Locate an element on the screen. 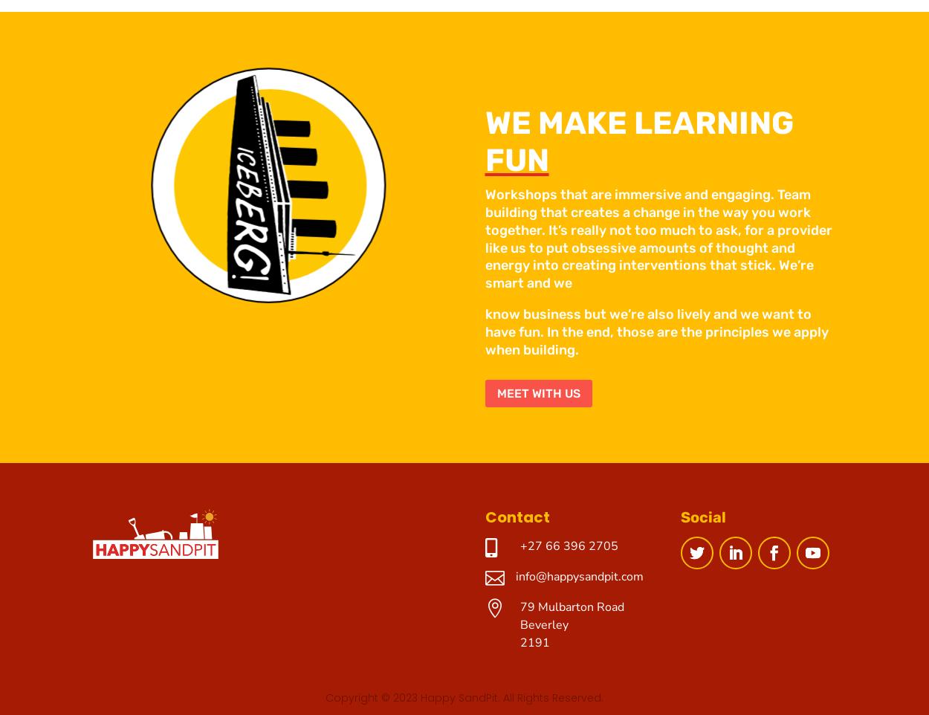  '79 Mulbarton Road' is located at coordinates (572, 606).